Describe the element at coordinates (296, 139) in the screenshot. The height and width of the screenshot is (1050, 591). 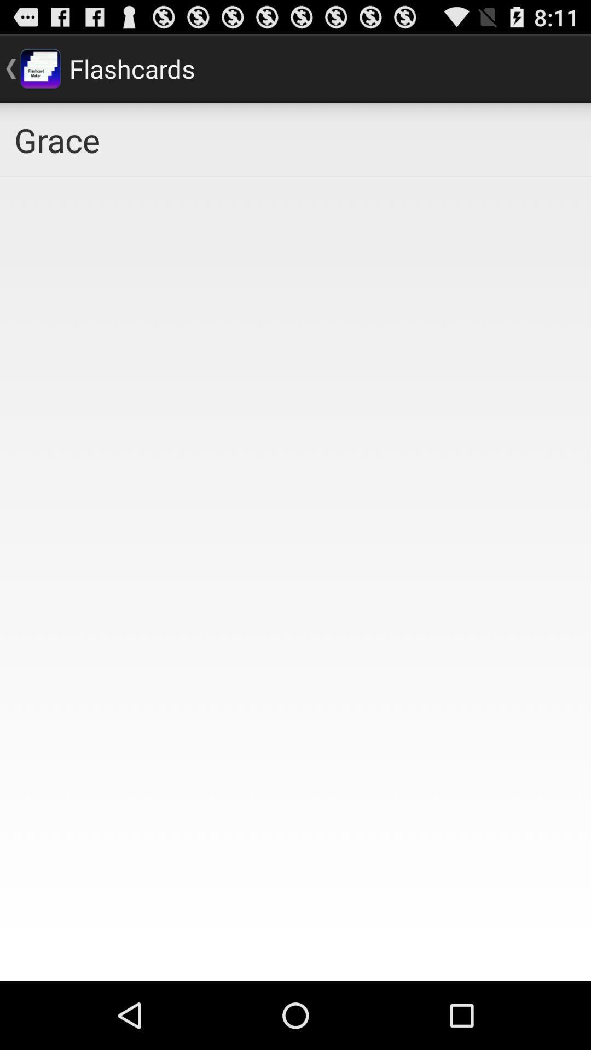
I see `icon at the top` at that location.